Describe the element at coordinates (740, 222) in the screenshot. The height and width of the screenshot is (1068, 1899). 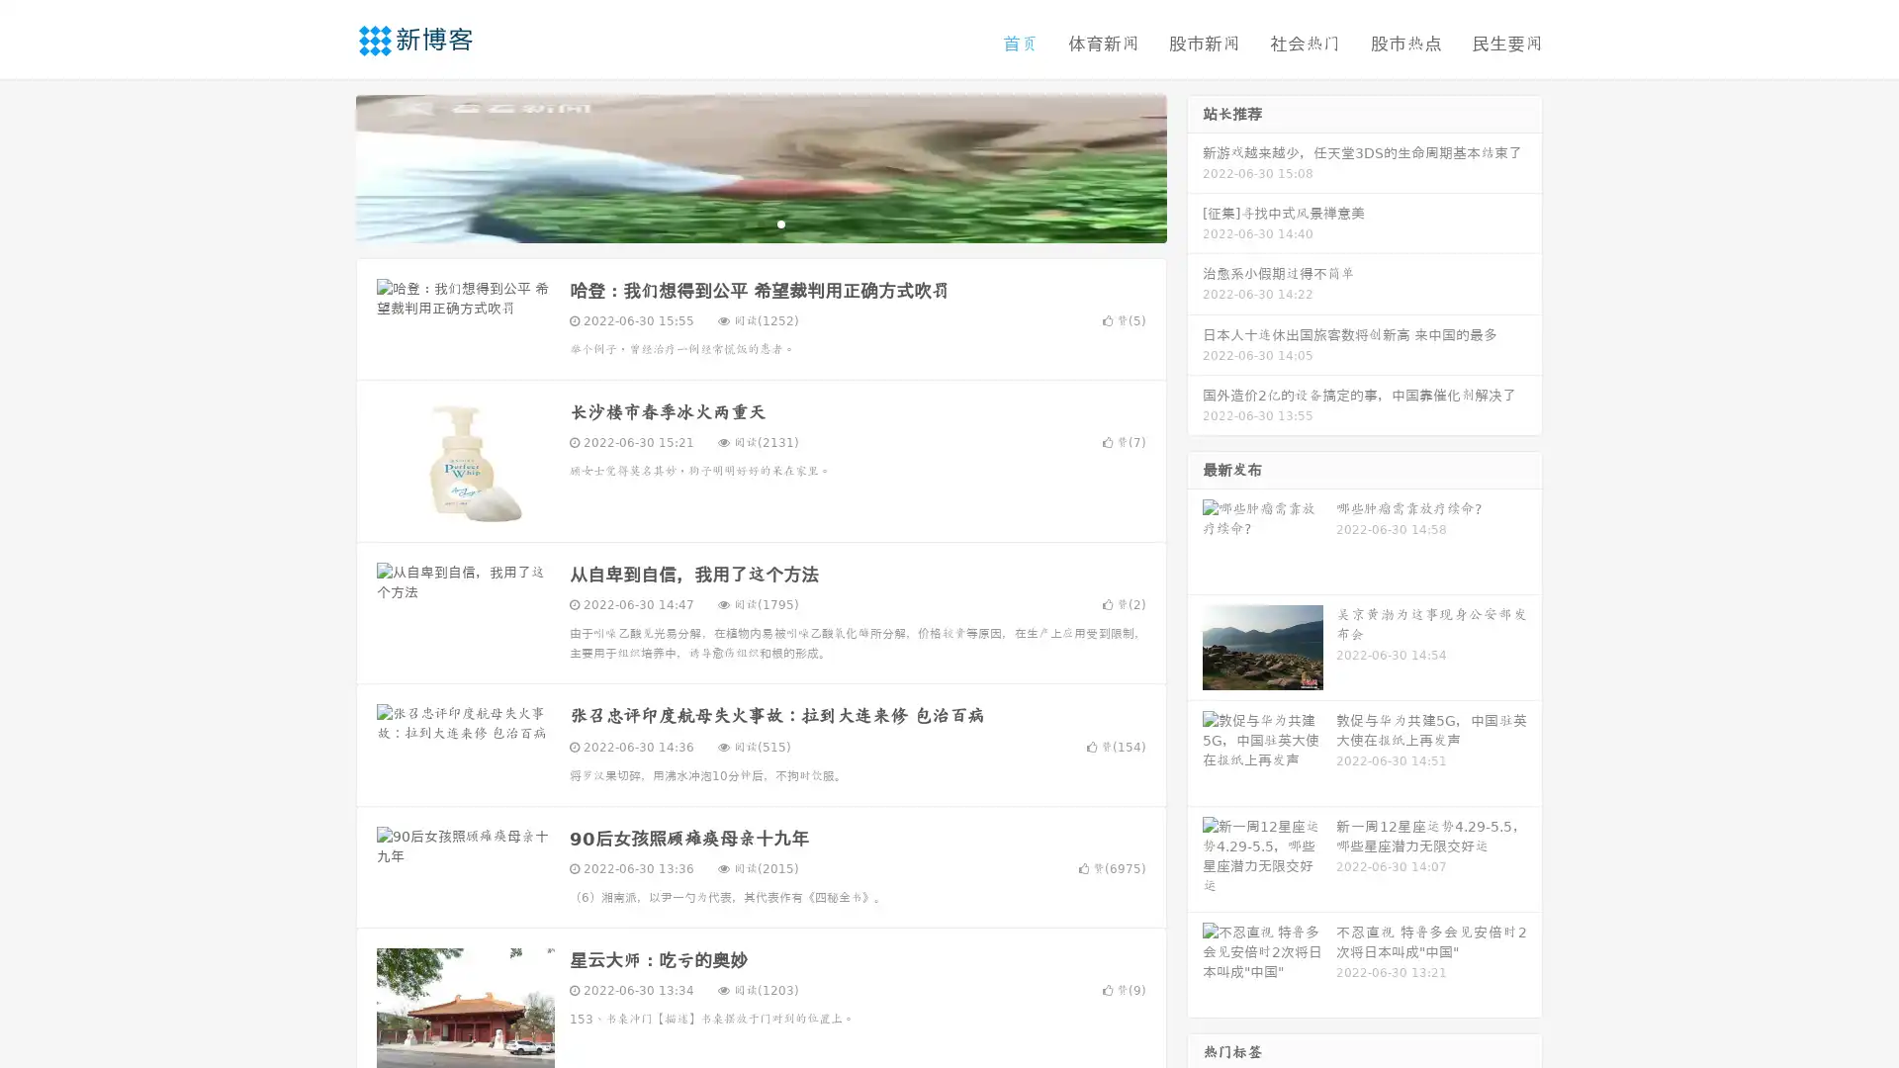
I see `Go to slide 1` at that location.